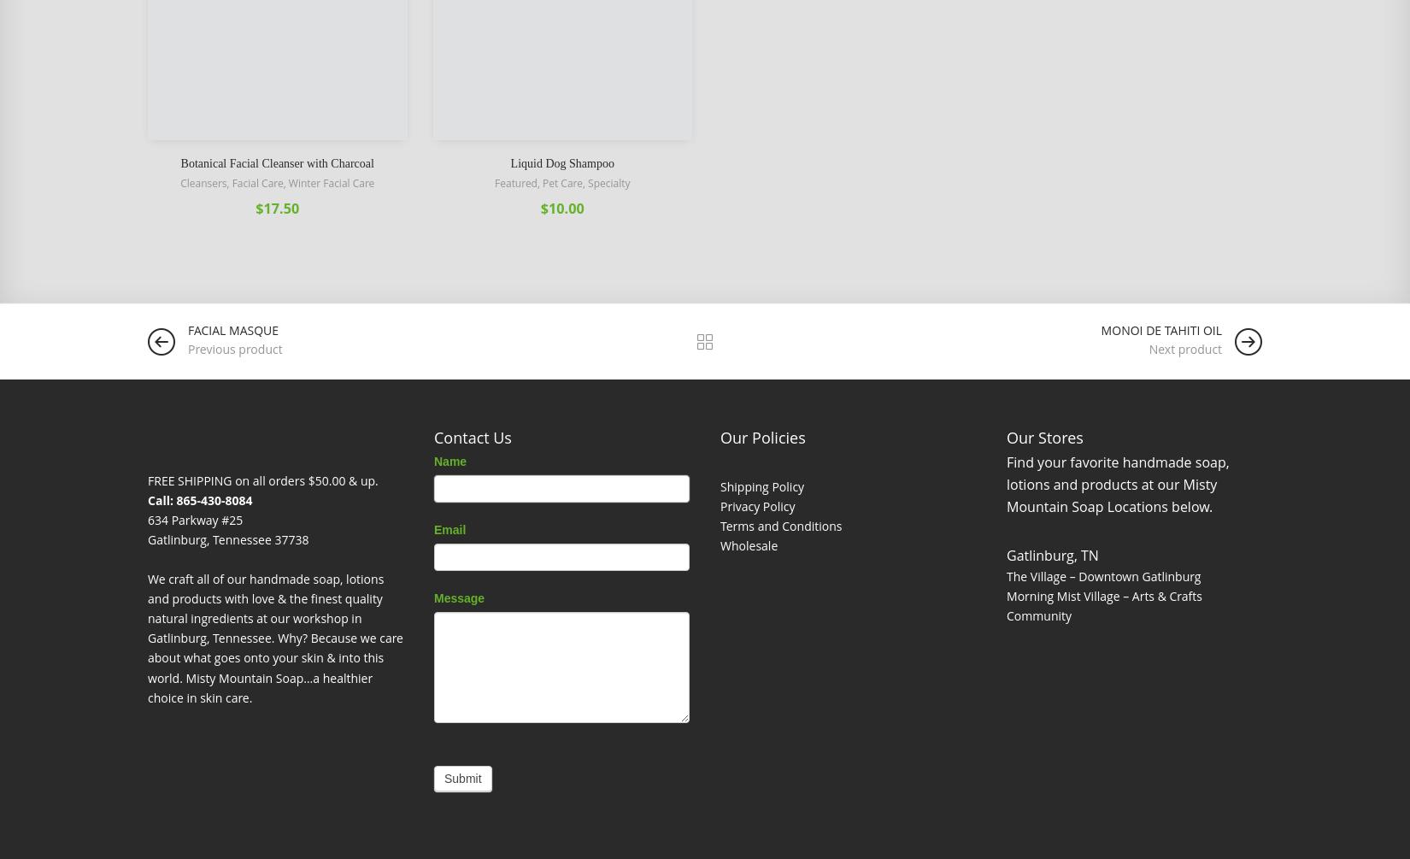  Describe the element at coordinates (199, 498) in the screenshot. I see `'Call: 865-430-8084'` at that location.